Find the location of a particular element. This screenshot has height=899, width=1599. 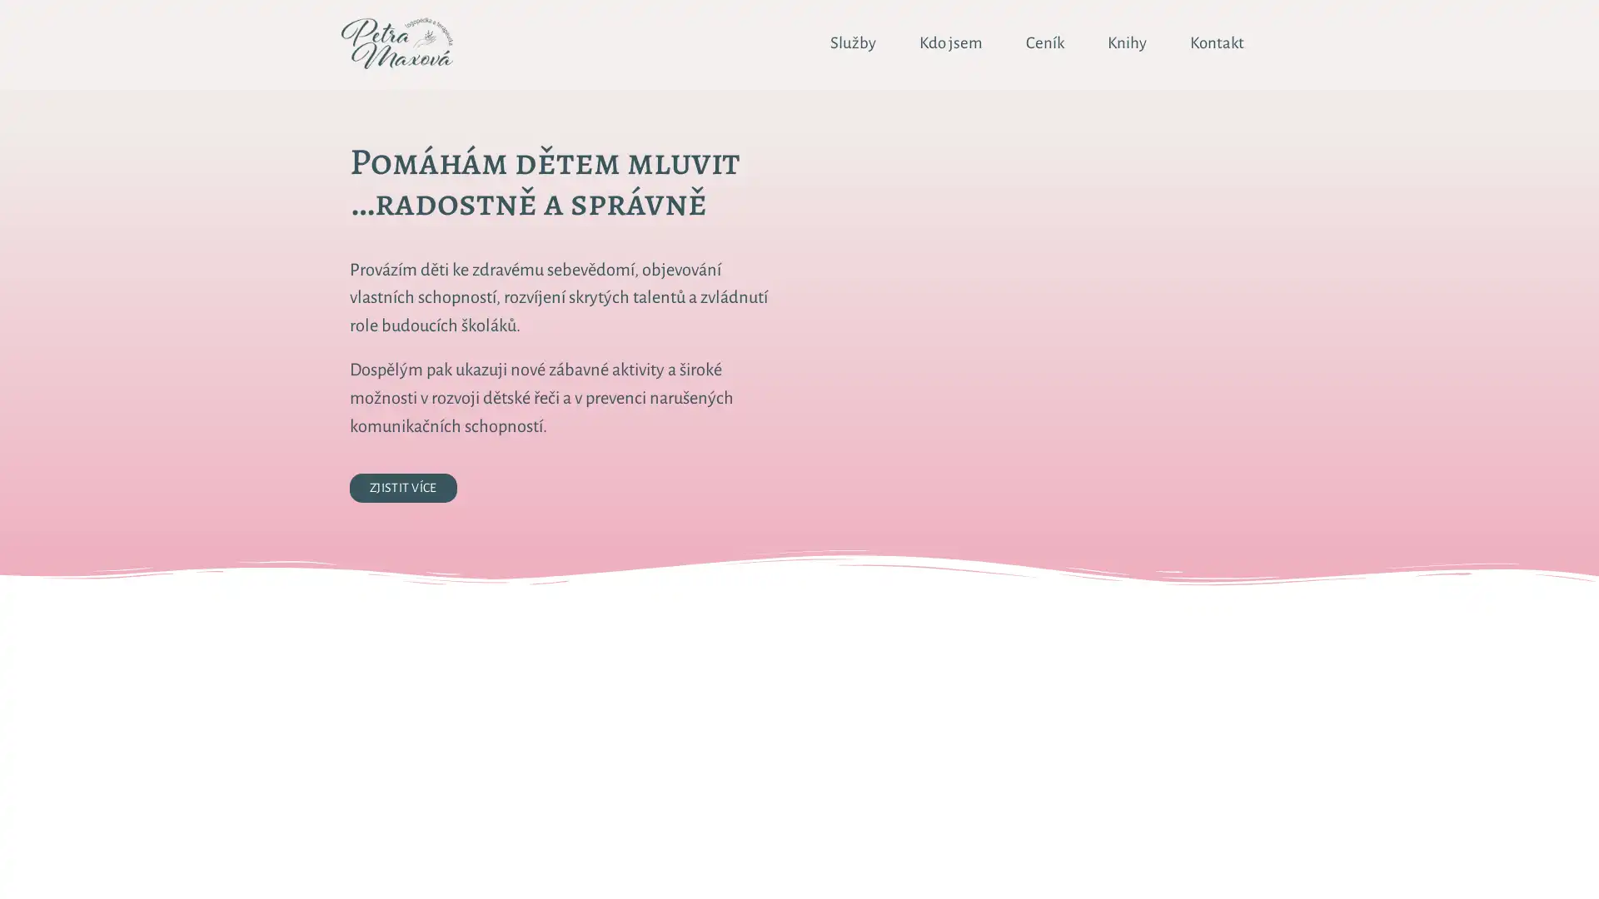

ZJISTIT VICE is located at coordinates (403, 487).